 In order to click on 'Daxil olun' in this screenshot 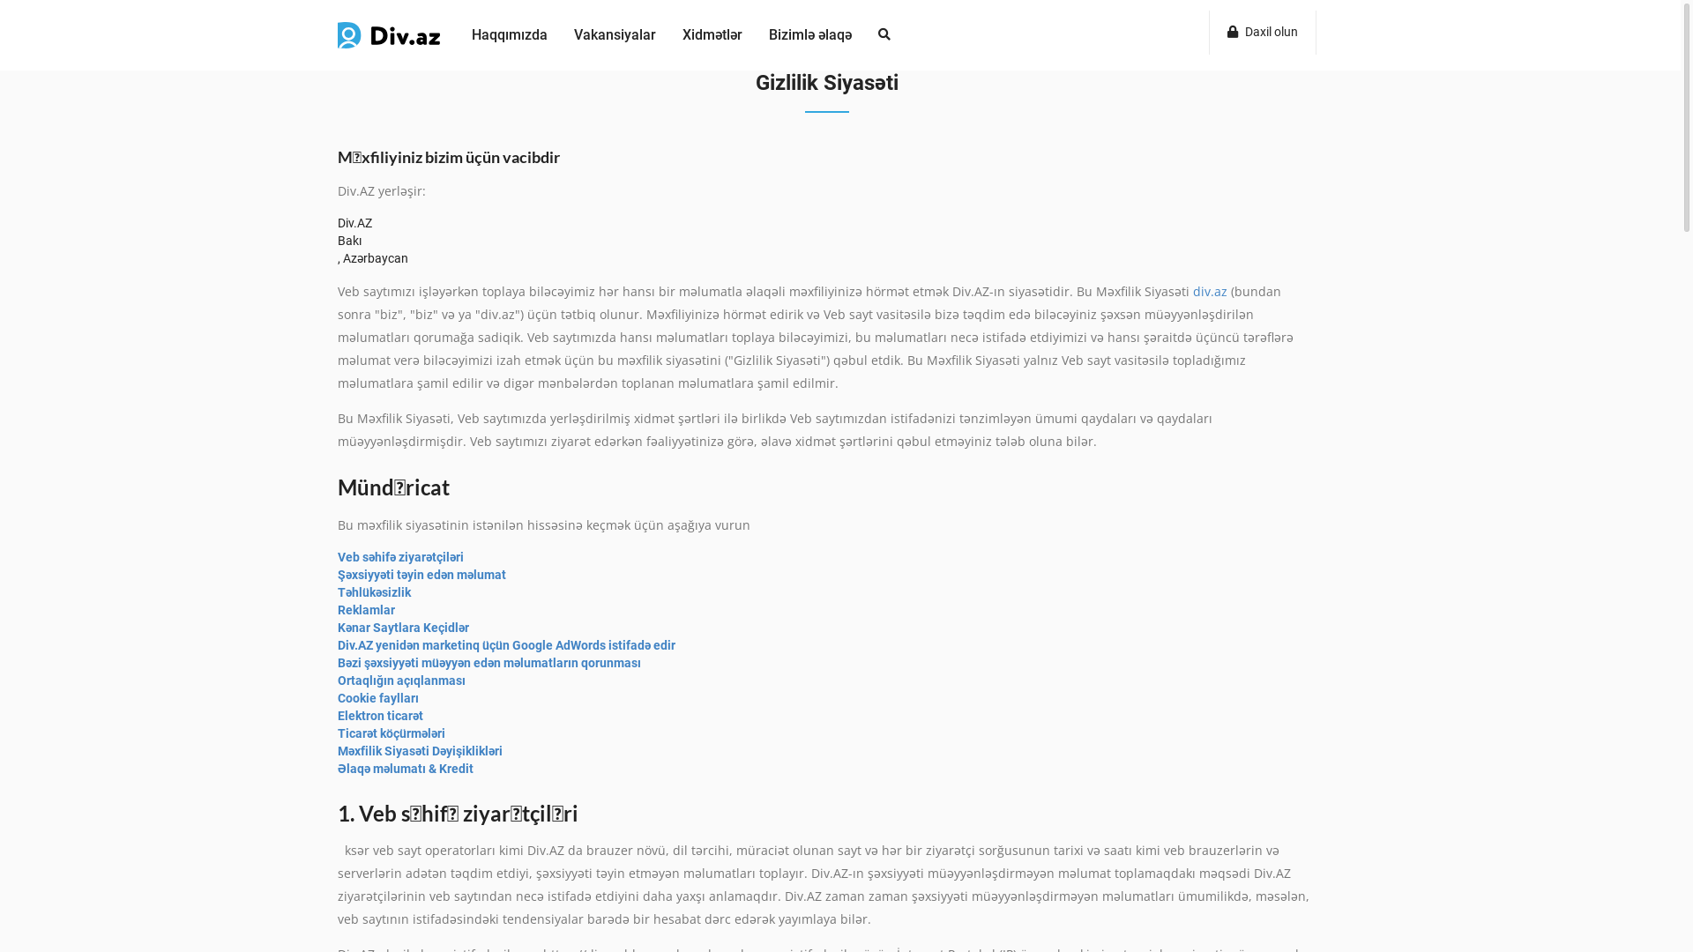, I will do `click(1261, 33)`.